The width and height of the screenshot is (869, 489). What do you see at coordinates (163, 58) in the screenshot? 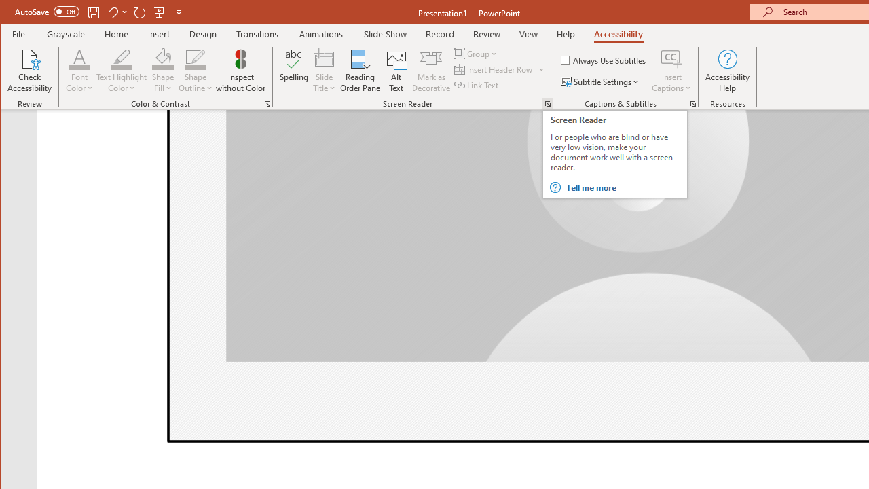
I see `'Shape Fill Orange, Accent 2'` at bounding box center [163, 58].